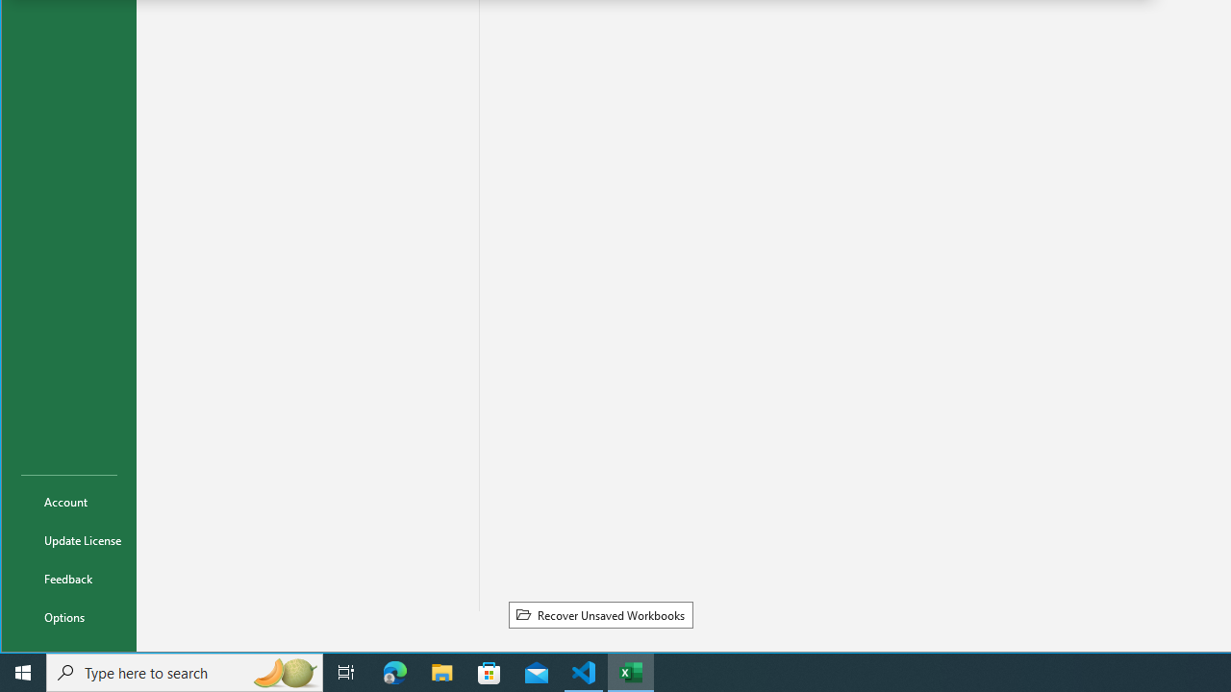 The image size is (1231, 692). What do you see at coordinates (185, 671) in the screenshot?
I see `'Type here to search'` at bounding box center [185, 671].